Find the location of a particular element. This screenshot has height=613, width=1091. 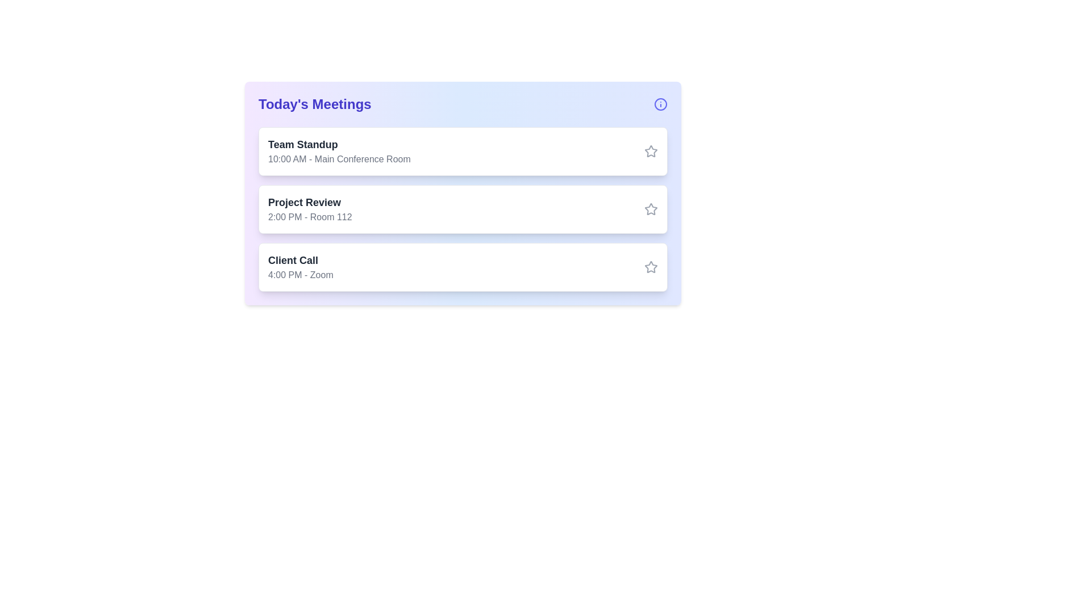

text displayed on the label that says 'Client Call' followed by '4:00 PM - Zoom', which is part of the meeting list titled 'Today's Meetings' is located at coordinates (301, 267).